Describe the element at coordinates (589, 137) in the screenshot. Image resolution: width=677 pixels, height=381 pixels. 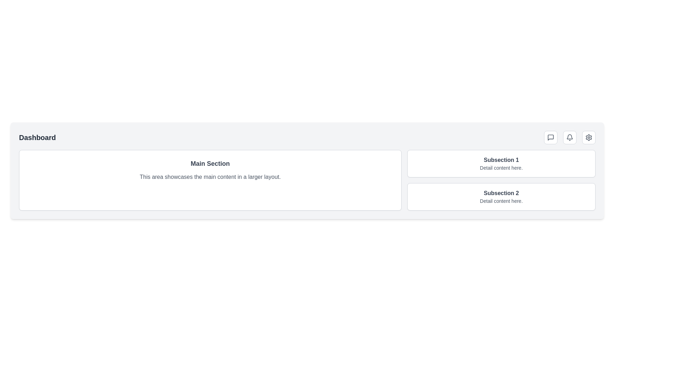
I see `the settings icon` at that location.